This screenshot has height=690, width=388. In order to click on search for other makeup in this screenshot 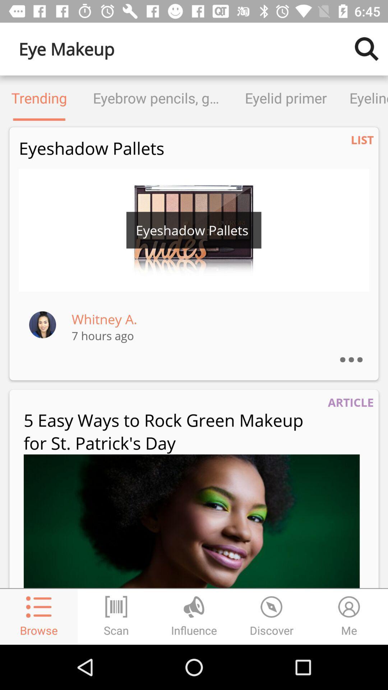, I will do `click(366, 49)`.